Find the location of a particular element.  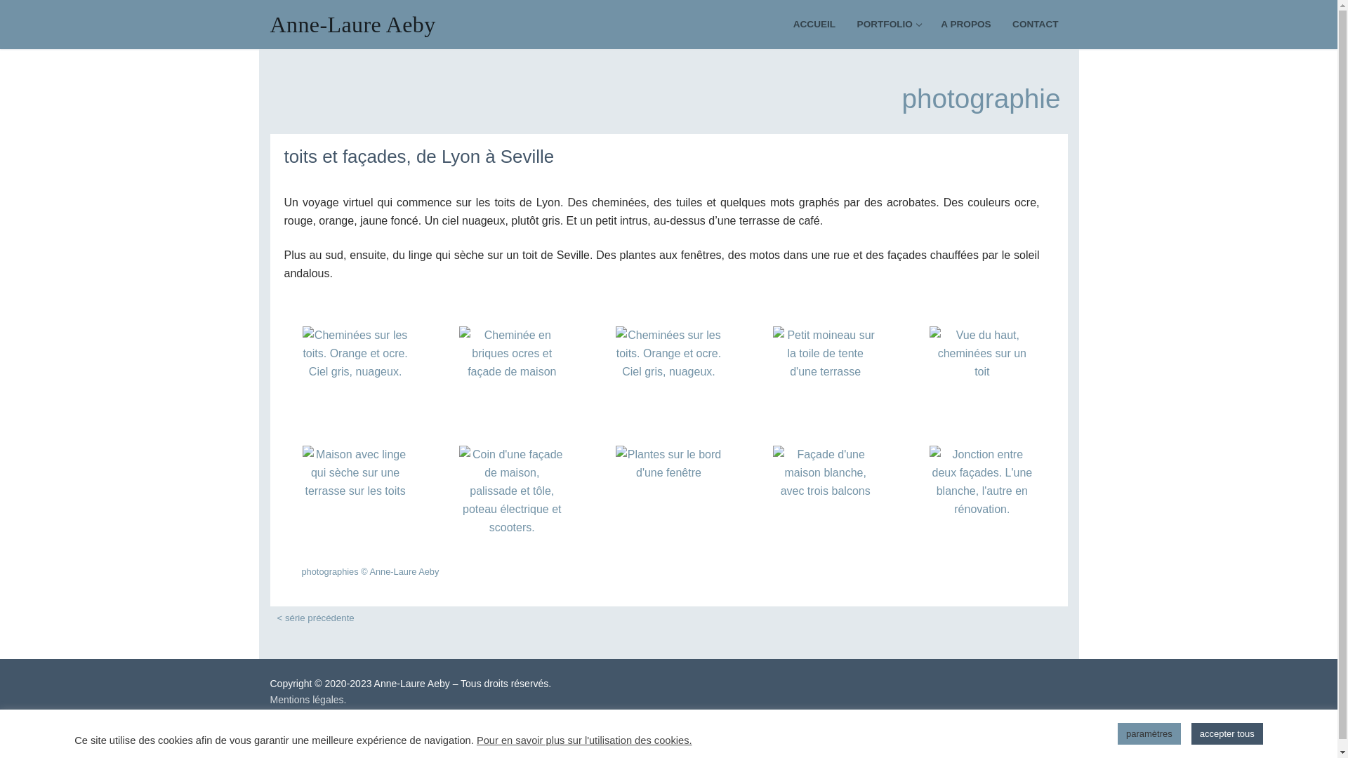

'accepter tous' is located at coordinates (1226, 733).